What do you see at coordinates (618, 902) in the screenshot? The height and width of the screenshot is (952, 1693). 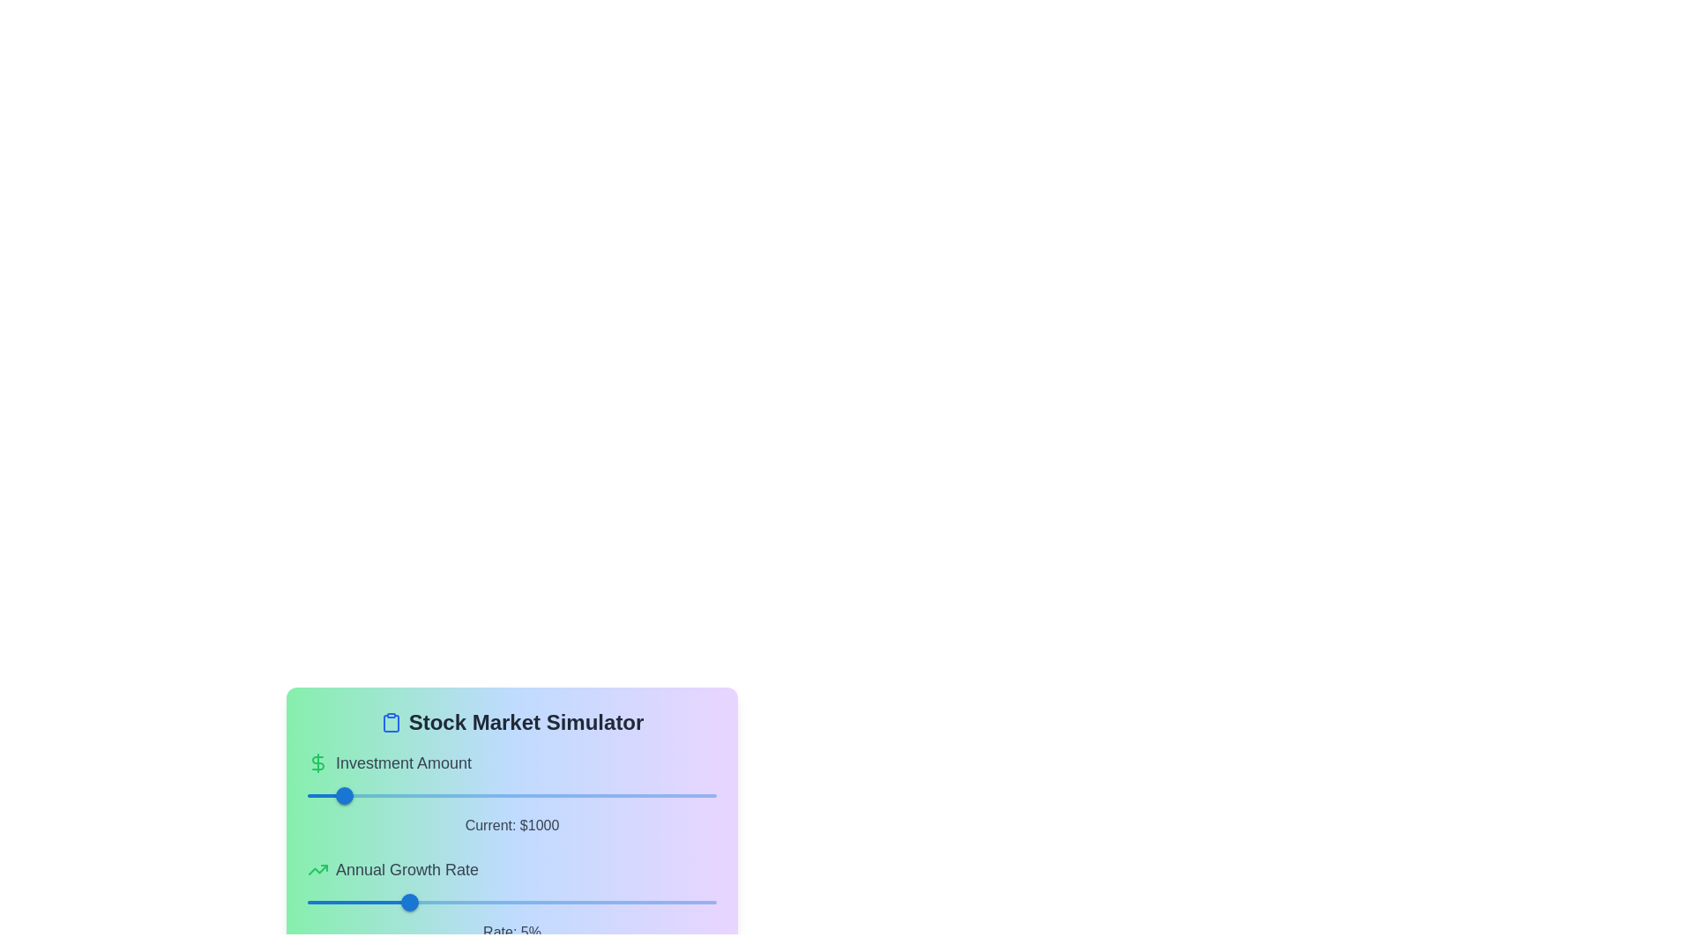 I see `the annual growth rate` at bounding box center [618, 902].